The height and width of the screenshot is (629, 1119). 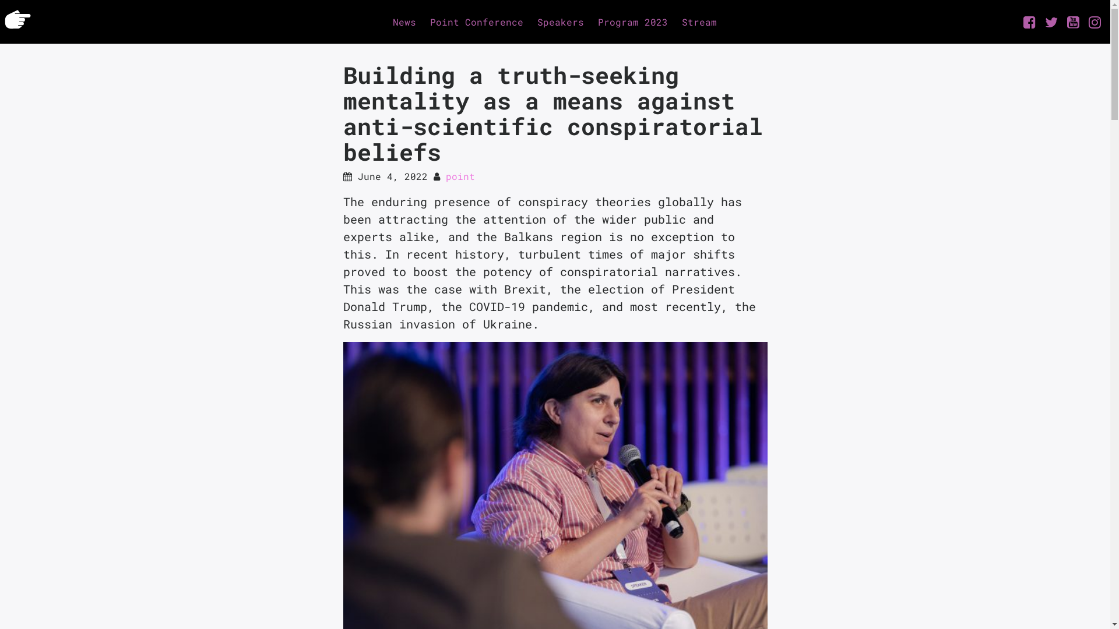 I want to click on 'News', so click(x=386, y=22).